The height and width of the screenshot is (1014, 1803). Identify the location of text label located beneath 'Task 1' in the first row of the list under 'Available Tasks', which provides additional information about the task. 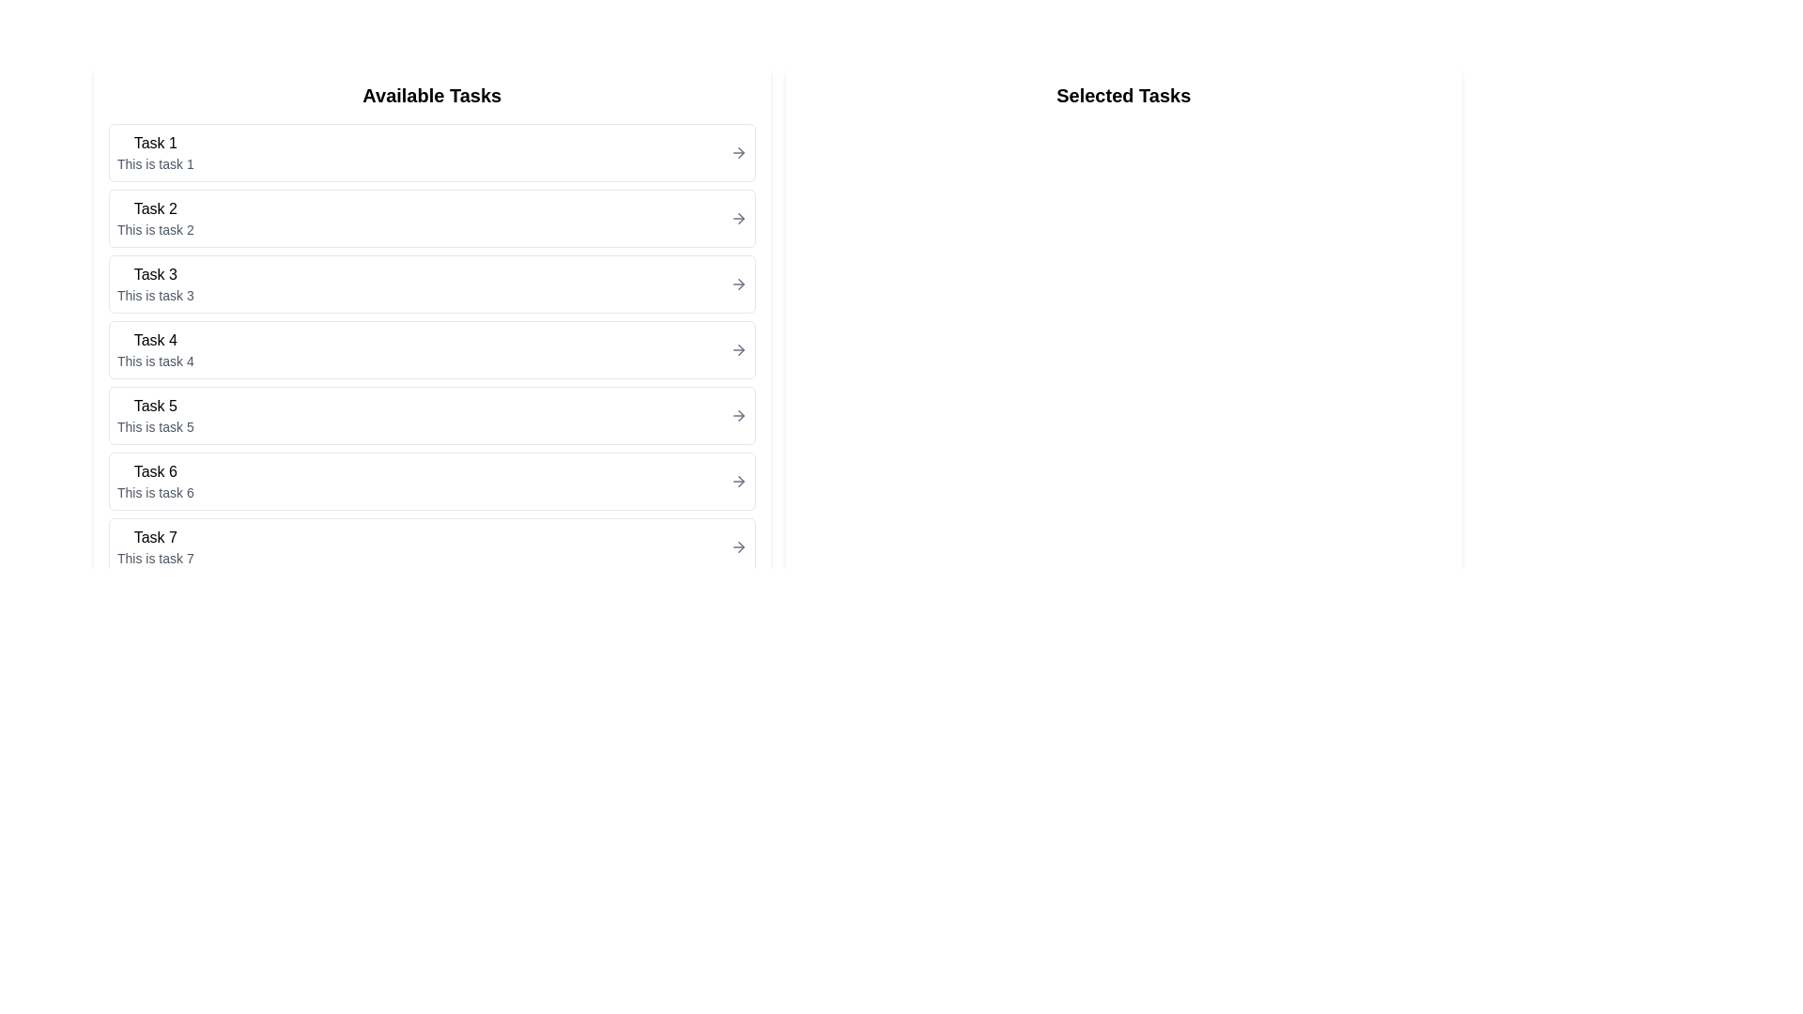
(155, 162).